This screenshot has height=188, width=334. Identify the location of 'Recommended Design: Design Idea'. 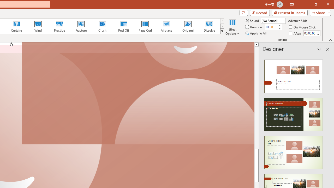
(293, 75).